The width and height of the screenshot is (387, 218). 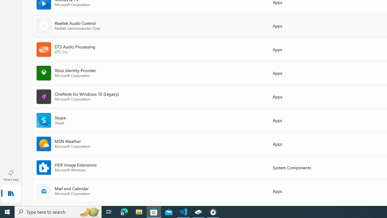 I want to click on 'What', so click(x=11, y=175).